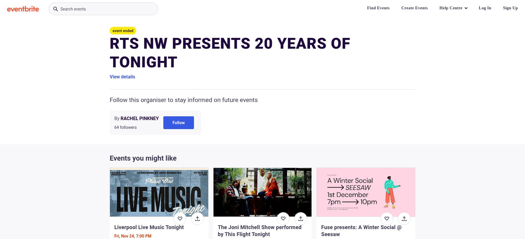 The width and height of the screenshot is (525, 239). Describe the element at coordinates (149, 227) in the screenshot. I see `'Liverpool Live Music Tonight'` at that location.